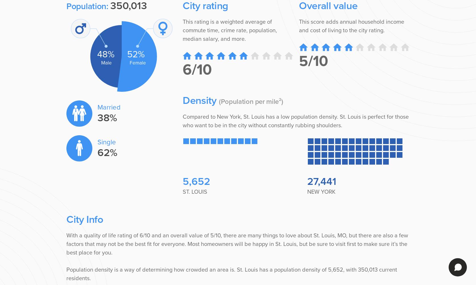  I want to click on 'This score adds annual household income and cost of living to the city rating.', so click(351, 26).